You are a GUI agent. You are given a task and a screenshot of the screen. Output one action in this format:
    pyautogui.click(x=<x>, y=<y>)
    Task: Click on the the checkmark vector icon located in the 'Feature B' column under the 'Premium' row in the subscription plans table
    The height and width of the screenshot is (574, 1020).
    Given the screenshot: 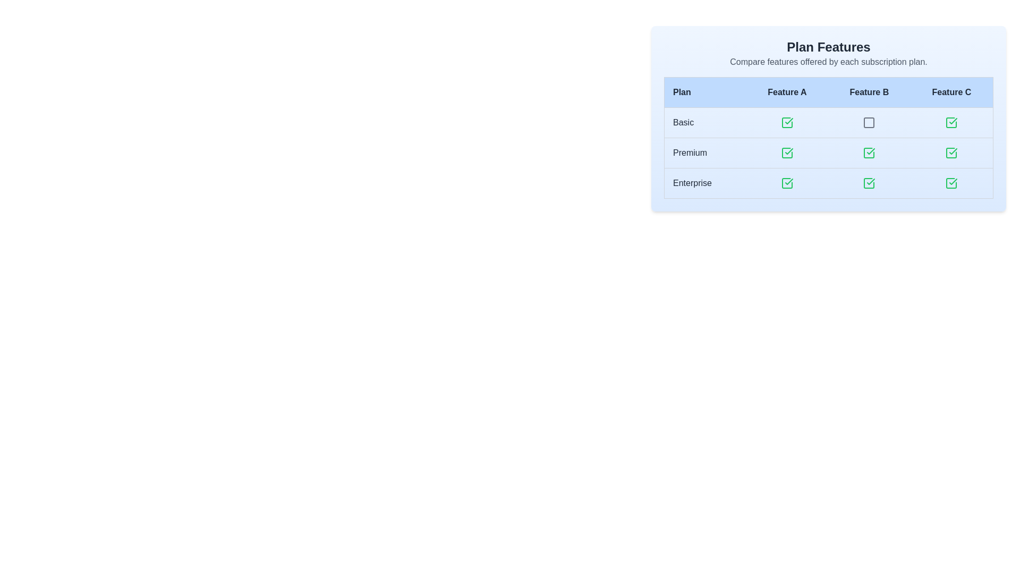 What is the action you would take?
    pyautogui.click(x=871, y=151)
    